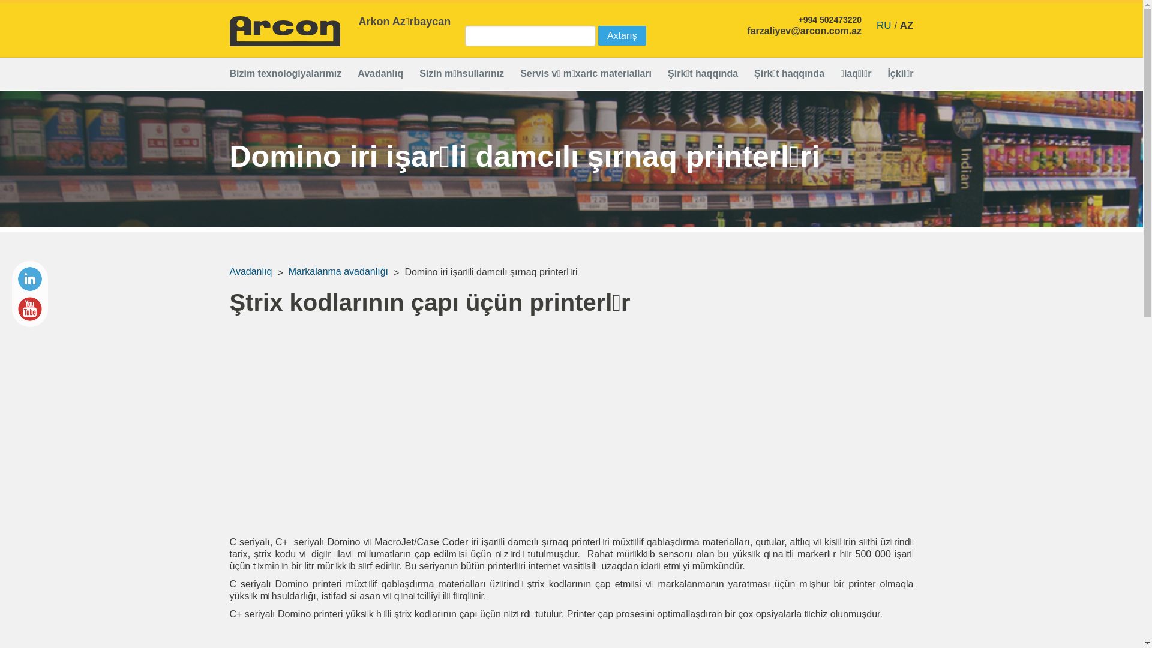 The image size is (1152, 648). Describe the element at coordinates (884, 25) in the screenshot. I see `'RU'` at that location.